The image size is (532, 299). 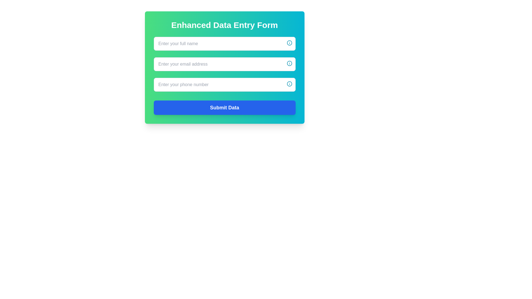 I want to click on the input field for entering a phone number by clicking the actionable icon located at the far right of the input field, so click(x=289, y=84).